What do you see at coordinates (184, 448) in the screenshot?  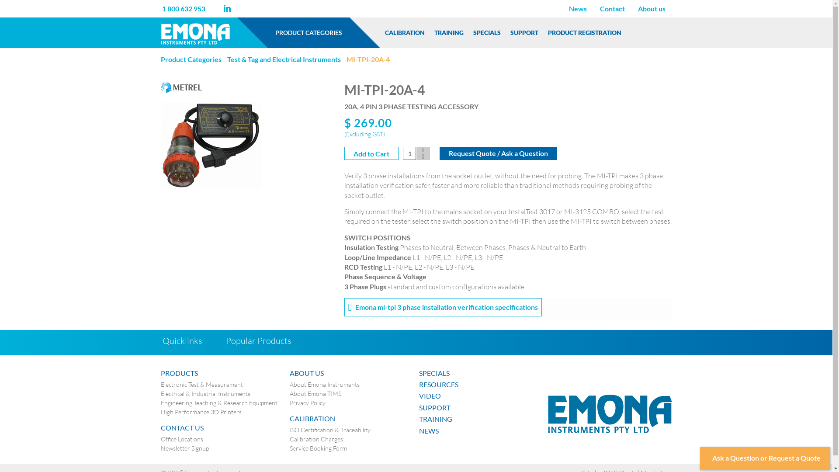 I see `'Newsletter Signup'` at bounding box center [184, 448].